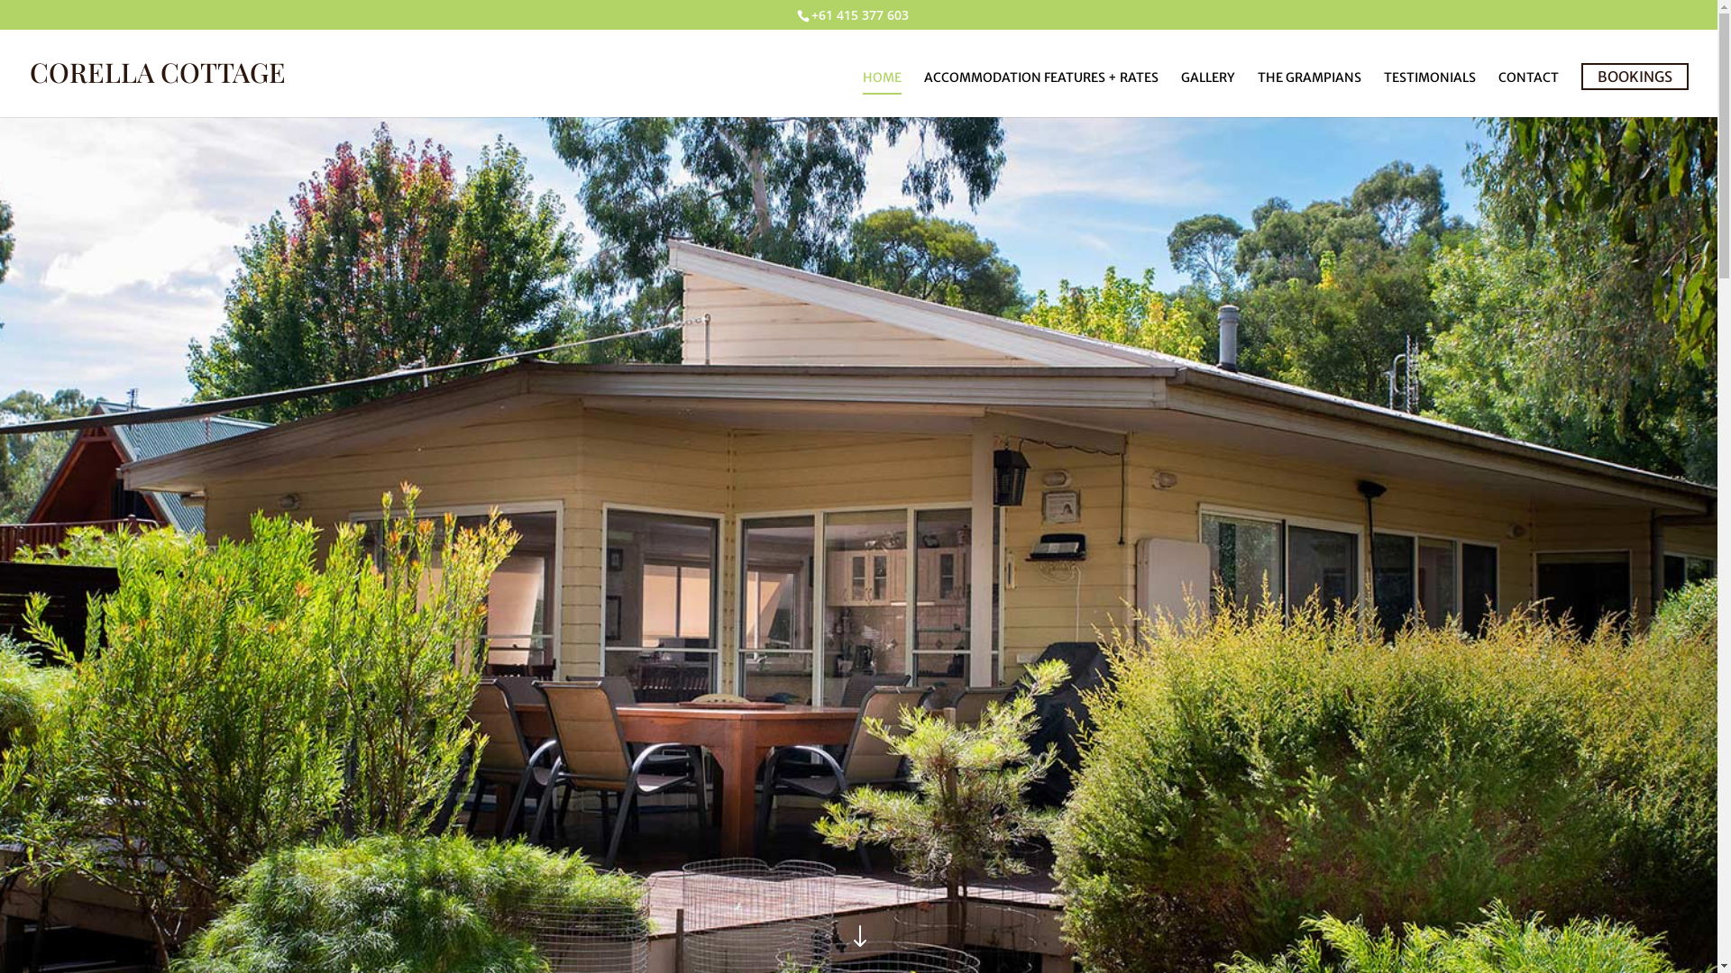 The height and width of the screenshot is (973, 1731). Describe the element at coordinates (859, 14) in the screenshot. I see `'+61 415 377 603'` at that location.